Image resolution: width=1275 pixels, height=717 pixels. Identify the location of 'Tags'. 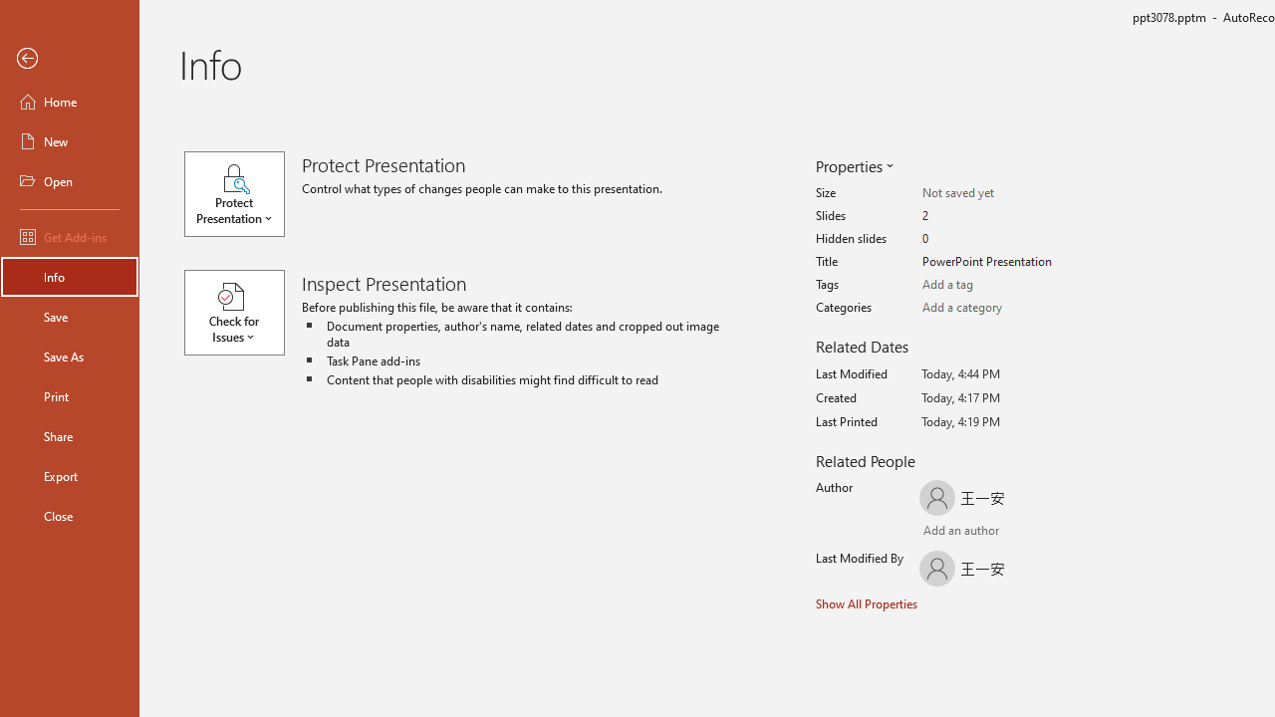
(1000, 285).